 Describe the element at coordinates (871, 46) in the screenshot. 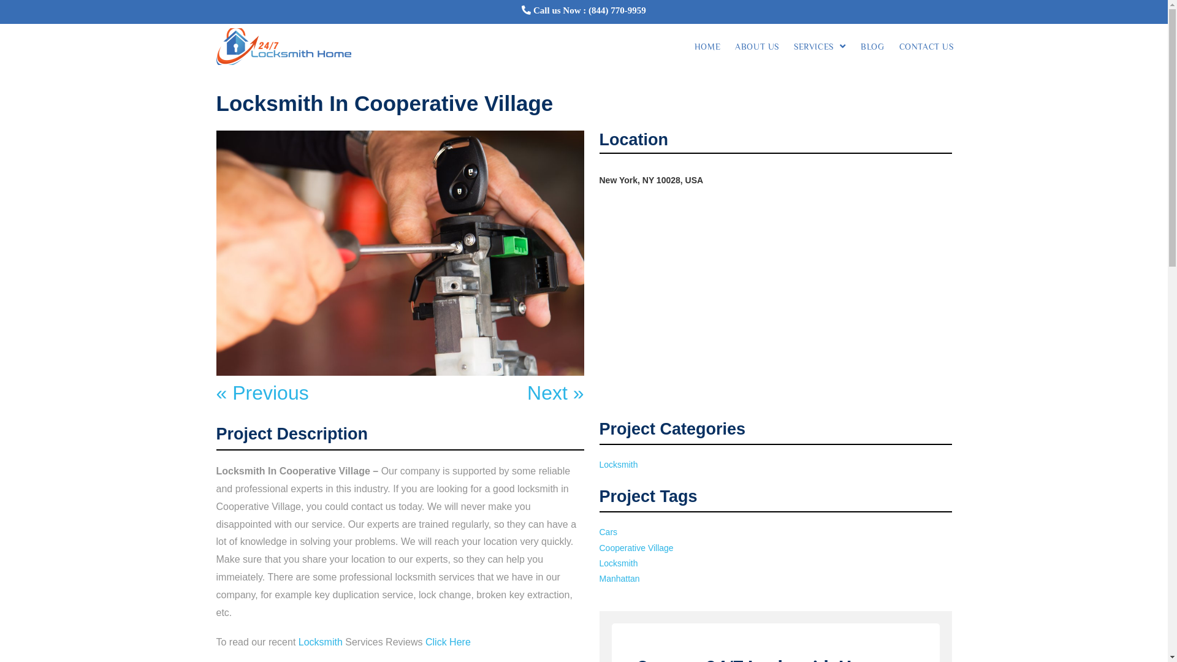

I see `'BLOG'` at that location.